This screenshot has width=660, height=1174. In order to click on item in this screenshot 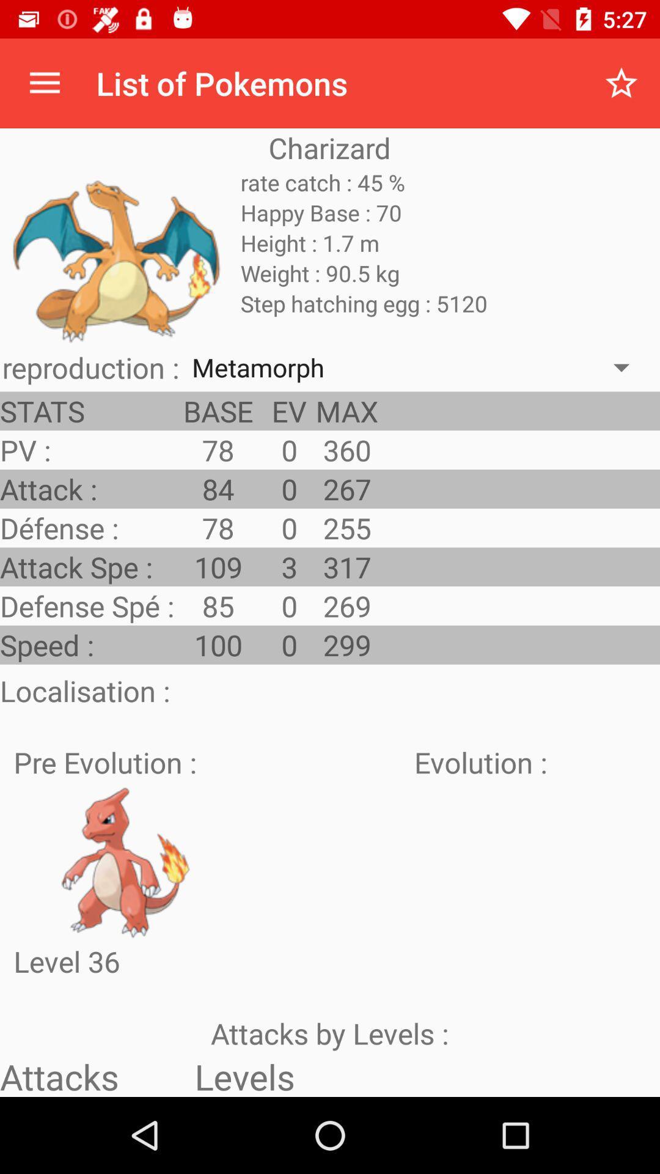, I will do `click(125, 861)`.